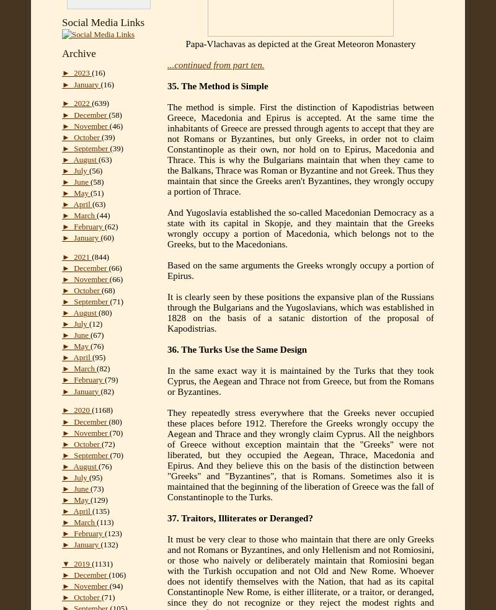 The width and height of the screenshot is (496, 610). Describe the element at coordinates (300, 454) in the screenshot. I see `'They repeatedly stress everywhere that the Greeks never occupied these places before 1912. Therefore the Greeks wrongly occupy the Aegean and Thrace and they wrongly claim Cyprus. All the neighbors of Greece without exception maintain that the "Greeks" were not liberated, but they occupied the Aegean, Thrace, Macedonia and Epirus. And they believe this on the basis of the distinction between "Greeks" and "Byzantines", that is Romans. Sometimes also it is maintained that the beginning of the liberation of Greece was the fall of Constantinople to the Turks.'` at that location.